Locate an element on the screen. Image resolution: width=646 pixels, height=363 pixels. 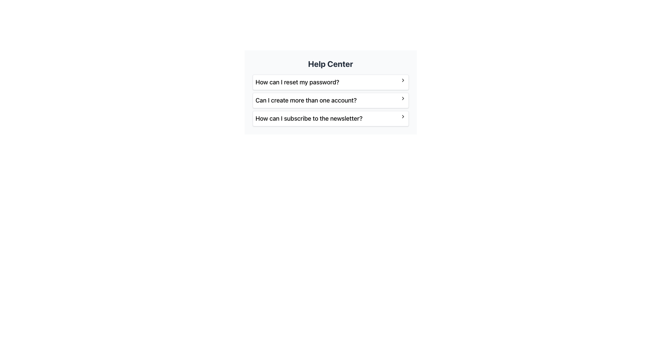
the small downward-pointing chevron icon that appears as a leftward-pointing arrow, located to the far right of the text 'Can I create more than one account?', which is the last element in the row is located at coordinates (403, 98).